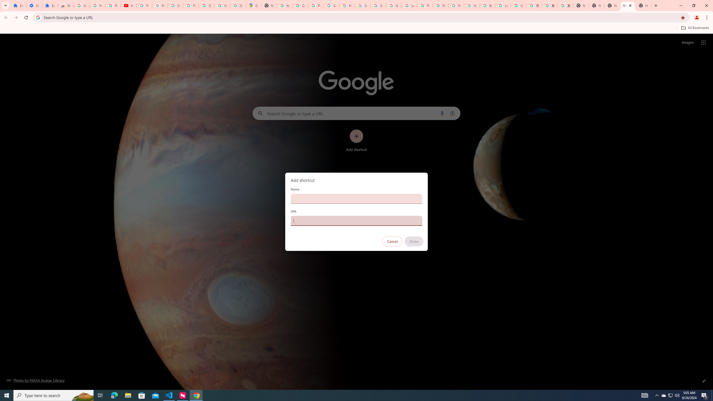  What do you see at coordinates (440, 5) in the screenshot?
I see `'Privacy Help Center - Policies Help'` at bounding box center [440, 5].